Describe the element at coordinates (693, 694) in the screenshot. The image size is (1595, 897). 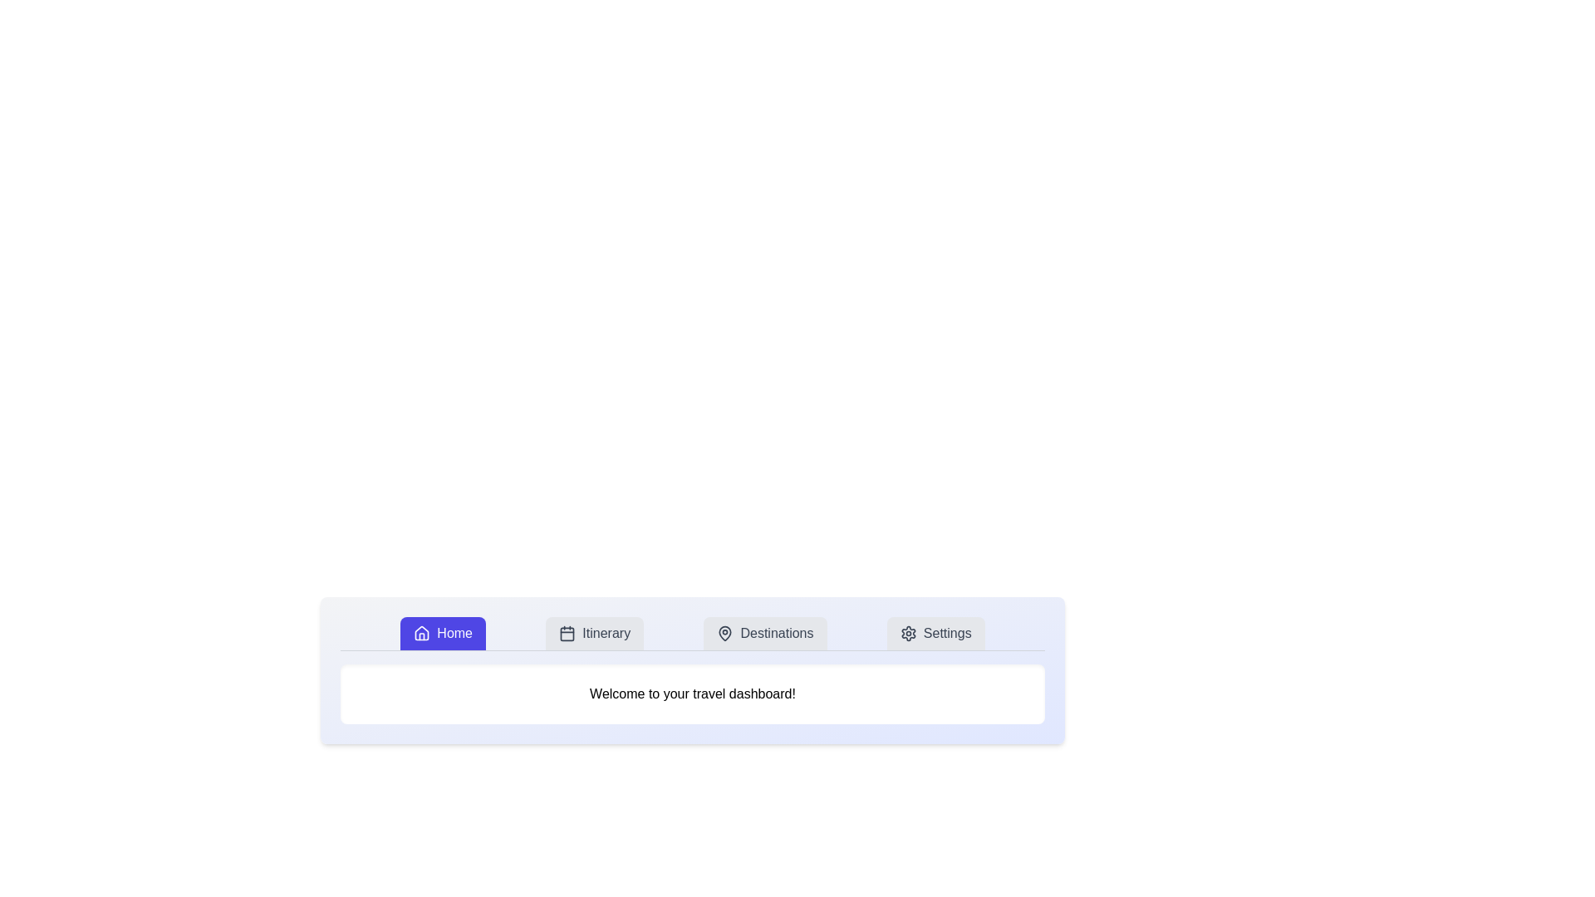
I see `the welcome message text display that informs users they are on their travel dashboard, located centered below the navigation bar` at that location.